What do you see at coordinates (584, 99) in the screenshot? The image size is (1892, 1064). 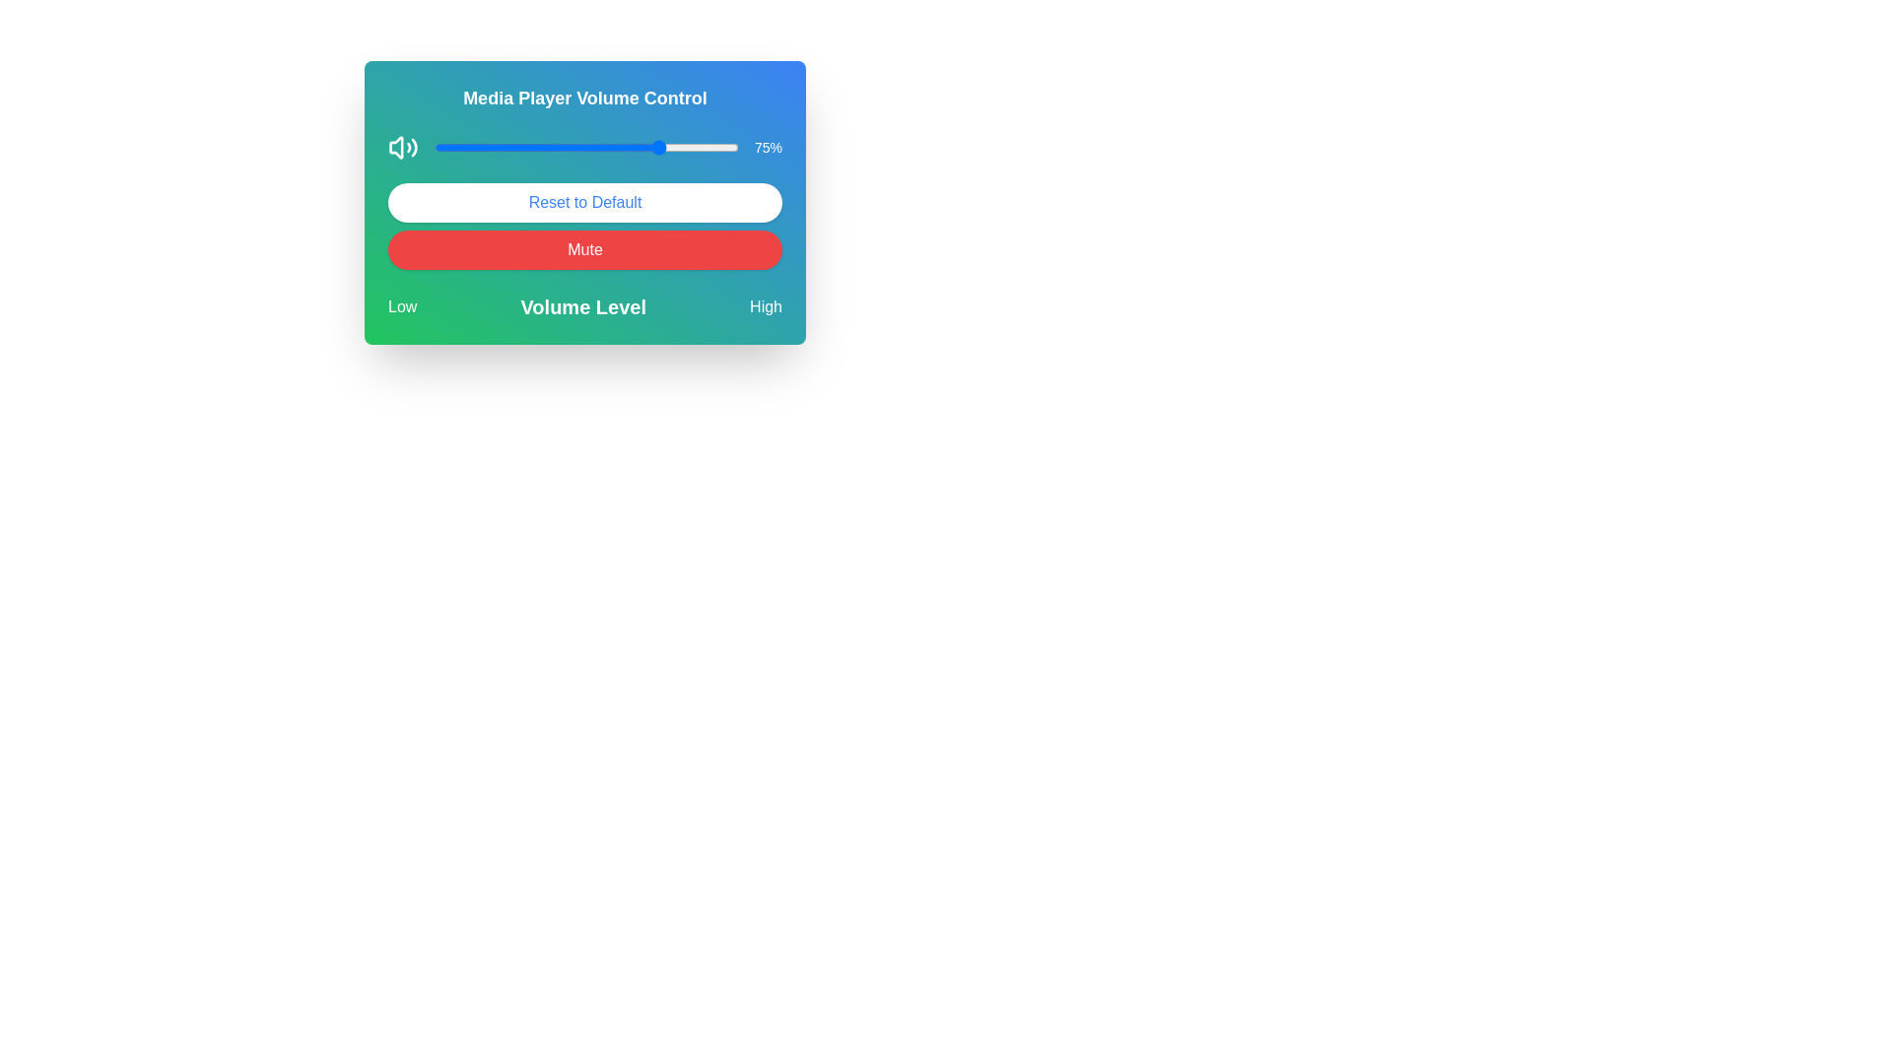 I see `title text of the Media Player Volume Control section, which is prominently displayed at the top center of the interface` at bounding box center [584, 99].